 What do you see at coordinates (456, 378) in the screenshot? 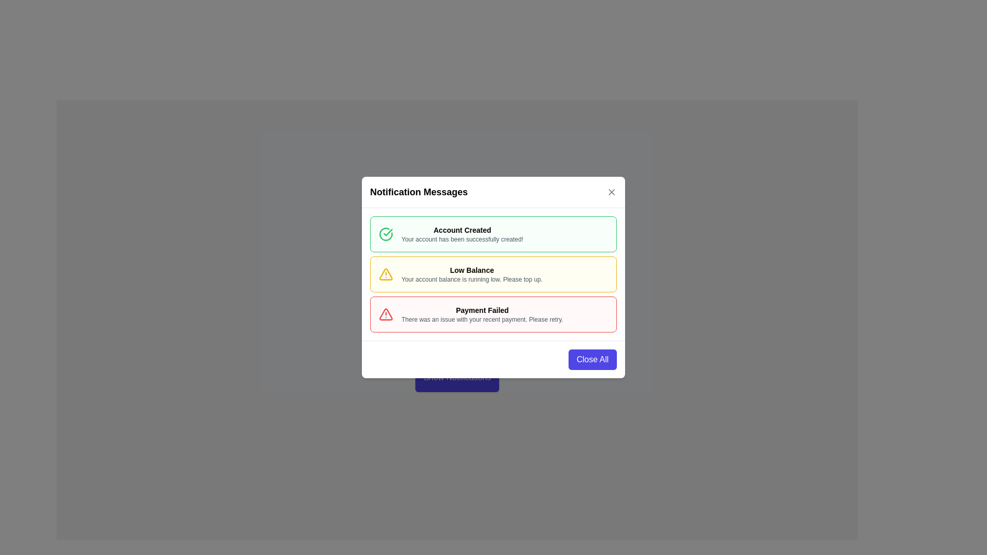
I see `the button located at the bottom center of the 'Notification Messages' panel` at bounding box center [456, 378].